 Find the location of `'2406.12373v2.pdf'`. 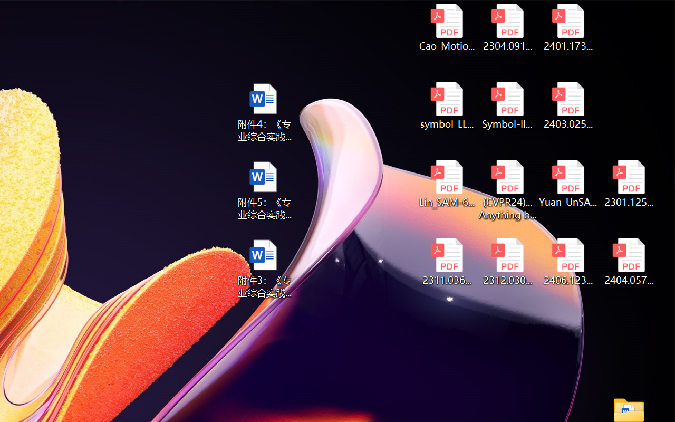

'2406.12373v2.pdf' is located at coordinates (567, 262).